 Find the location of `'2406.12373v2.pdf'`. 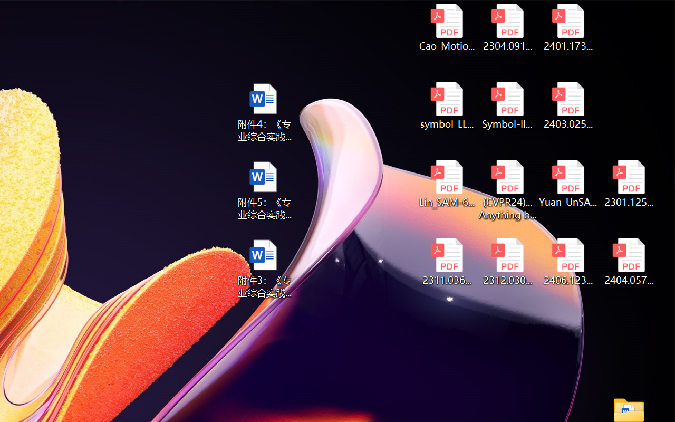

'2406.12373v2.pdf' is located at coordinates (567, 262).